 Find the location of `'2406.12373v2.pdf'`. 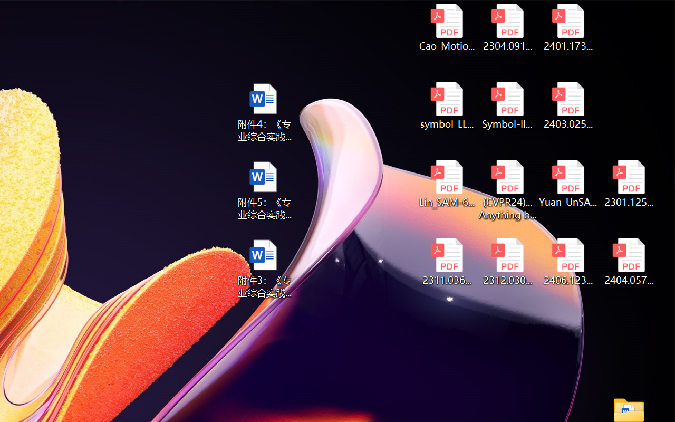

'2406.12373v2.pdf' is located at coordinates (567, 262).